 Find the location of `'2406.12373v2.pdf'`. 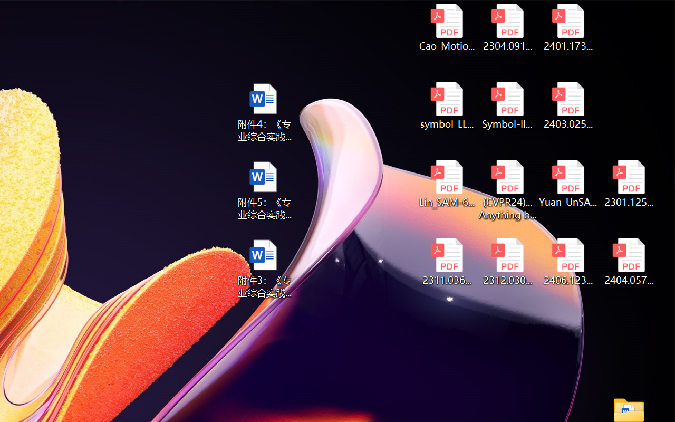

'2406.12373v2.pdf' is located at coordinates (567, 262).